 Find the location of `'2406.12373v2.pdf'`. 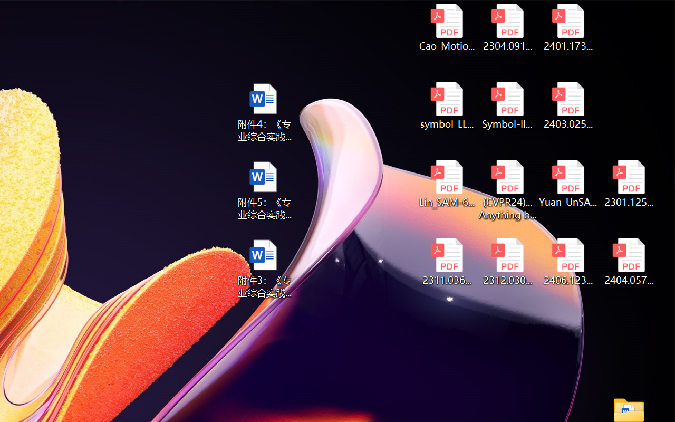

'2406.12373v2.pdf' is located at coordinates (567, 262).